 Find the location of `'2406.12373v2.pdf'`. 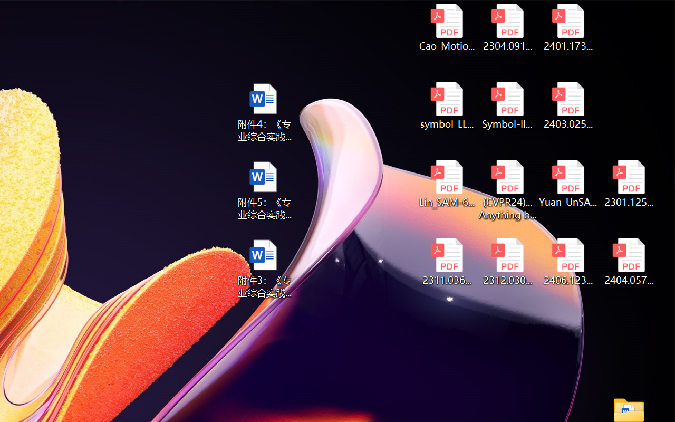

'2406.12373v2.pdf' is located at coordinates (567, 262).